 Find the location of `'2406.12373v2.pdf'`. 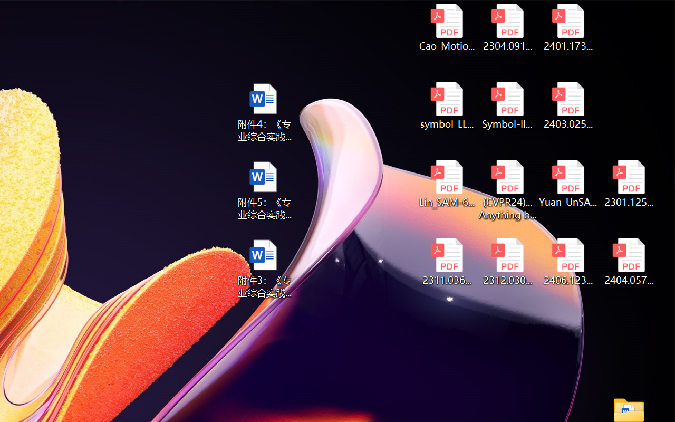

'2406.12373v2.pdf' is located at coordinates (567, 262).